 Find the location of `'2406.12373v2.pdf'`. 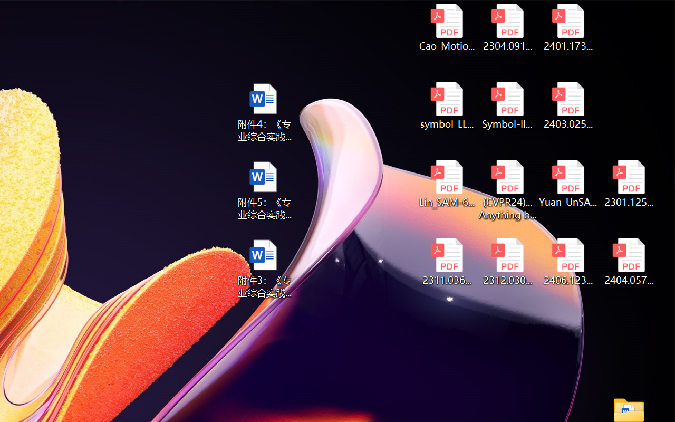

'2406.12373v2.pdf' is located at coordinates (567, 262).